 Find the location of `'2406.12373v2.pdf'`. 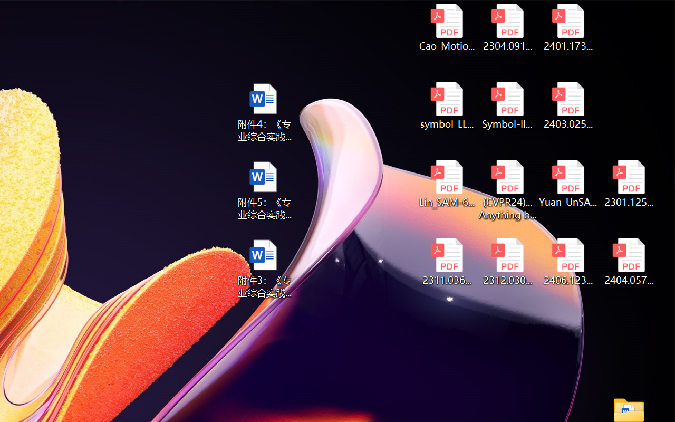

'2406.12373v2.pdf' is located at coordinates (567, 262).